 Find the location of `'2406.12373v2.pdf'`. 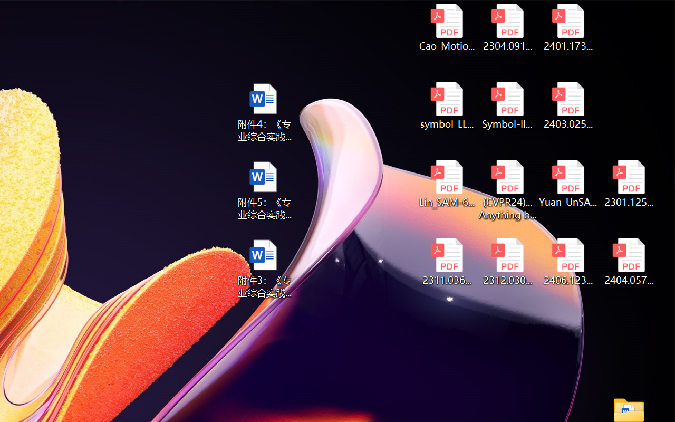

'2406.12373v2.pdf' is located at coordinates (567, 262).